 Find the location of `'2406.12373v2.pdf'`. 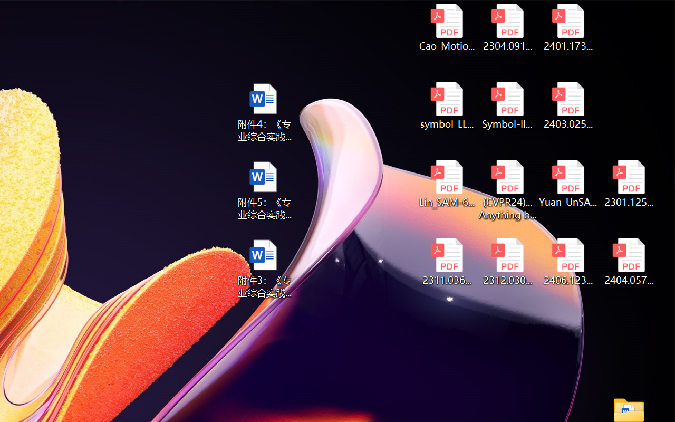

'2406.12373v2.pdf' is located at coordinates (567, 262).